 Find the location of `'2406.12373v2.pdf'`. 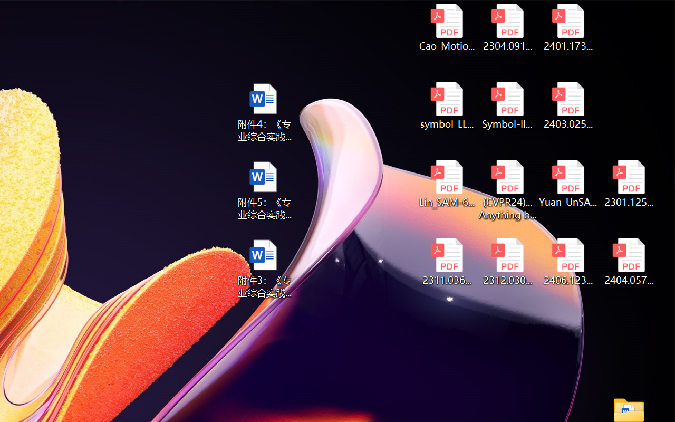

'2406.12373v2.pdf' is located at coordinates (567, 262).